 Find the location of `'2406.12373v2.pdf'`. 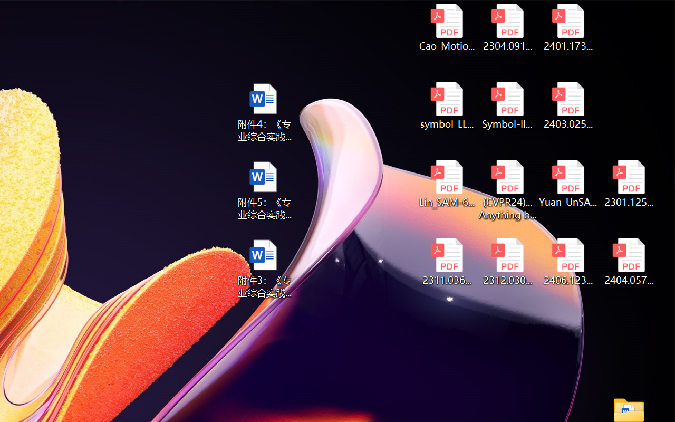

'2406.12373v2.pdf' is located at coordinates (567, 262).